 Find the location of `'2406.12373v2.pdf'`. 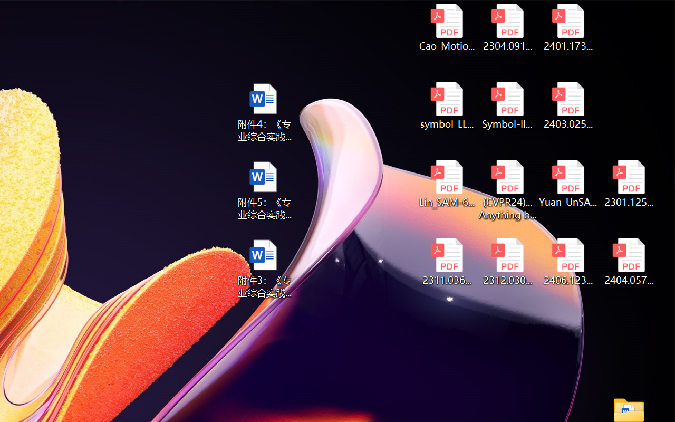

'2406.12373v2.pdf' is located at coordinates (567, 262).